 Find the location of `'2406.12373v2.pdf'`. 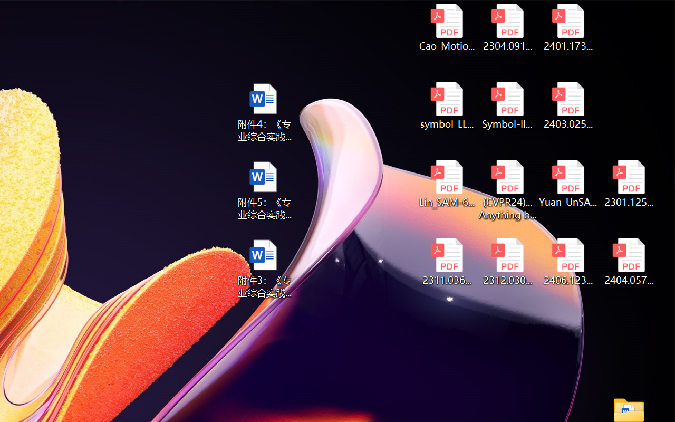

'2406.12373v2.pdf' is located at coordinates (567, 262).